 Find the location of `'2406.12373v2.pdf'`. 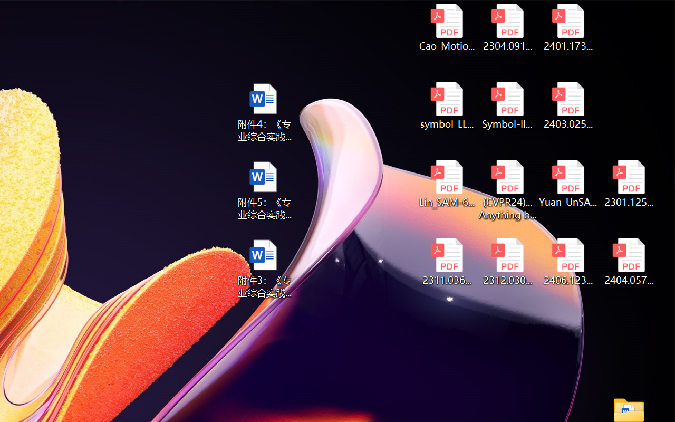

'2406.12373v2.pdf' is located at coordinates (567, 262).